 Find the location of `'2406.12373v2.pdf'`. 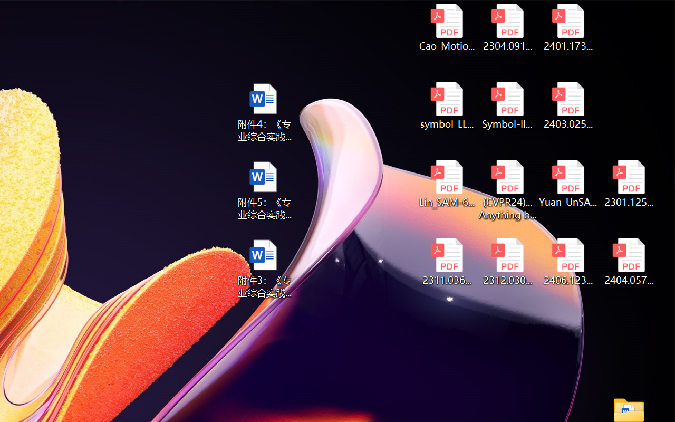

'2406.12373v2.pdf' is located at coordinates (567, 262).